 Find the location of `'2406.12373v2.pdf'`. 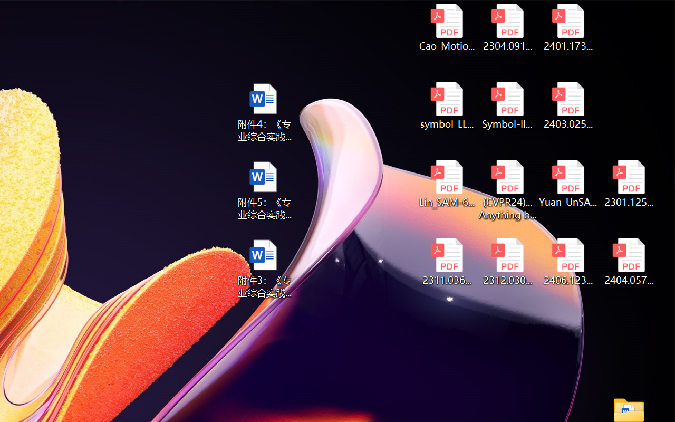

'2406.12373v2.pdf' is located at coordinates (567, 262).